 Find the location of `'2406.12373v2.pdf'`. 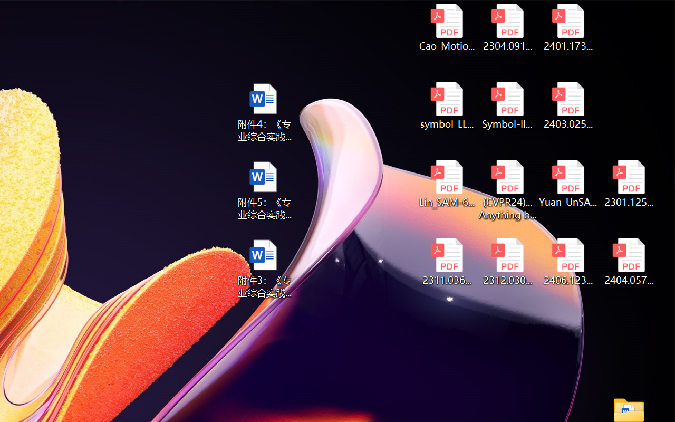

'2406.12373v2.pdf' is located at coordinates (567, 262).